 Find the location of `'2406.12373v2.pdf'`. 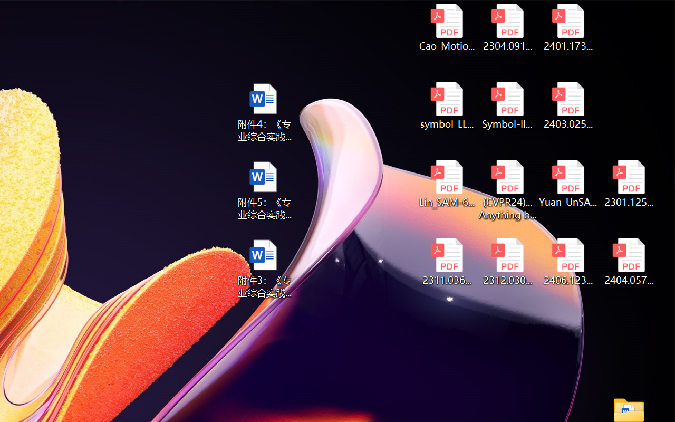

'2406.12373v2.pdf' is located at coordinates (567, 262).